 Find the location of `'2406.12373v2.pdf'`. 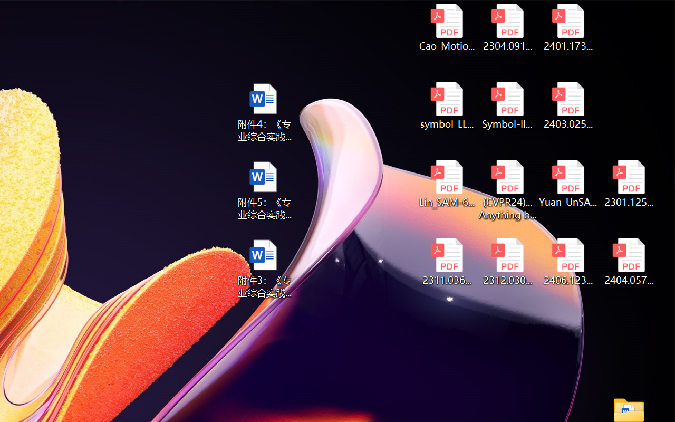

'2406.12373v2.pdf' is located at coordinates (567, 262).